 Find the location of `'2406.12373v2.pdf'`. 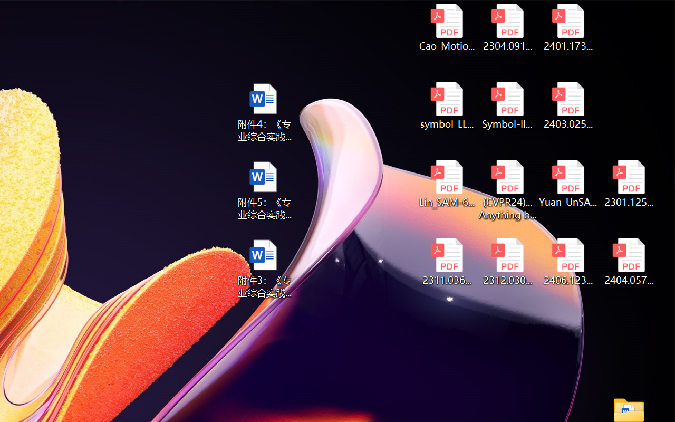

'2406.12373v2.pdf' is located at coordinates (567, 262).